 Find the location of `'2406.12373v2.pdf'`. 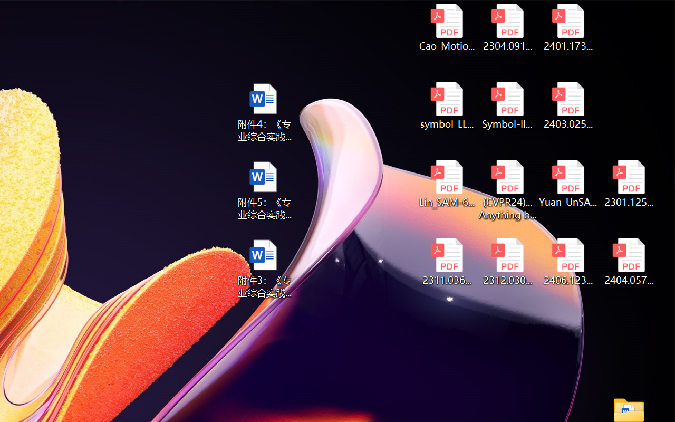

'2406.12373v2.pdf' is located at coordinates (567, 262).